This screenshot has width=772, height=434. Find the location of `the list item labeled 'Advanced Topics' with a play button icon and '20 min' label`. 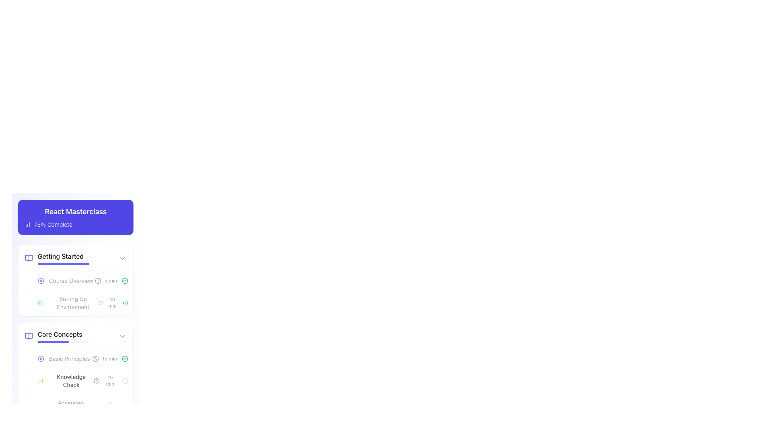

the list item labeled 'Advanced Topics' with a play button icon and '20 min' label is located at coordinates (76, 407).